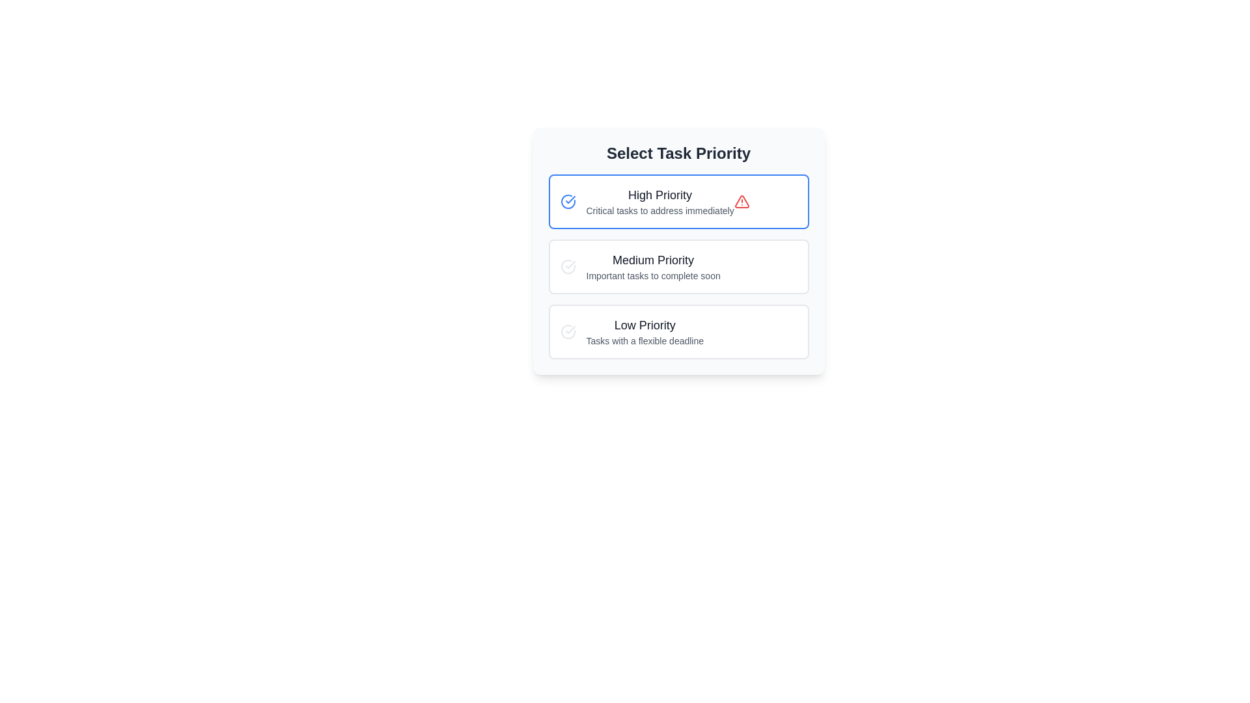 This screenshot has height=703, width=1250. I want to click on the static text label element that reads 'Important tasks to complete soon', positioned below the 'Medium Priority' title within its card, so click(653, 275).